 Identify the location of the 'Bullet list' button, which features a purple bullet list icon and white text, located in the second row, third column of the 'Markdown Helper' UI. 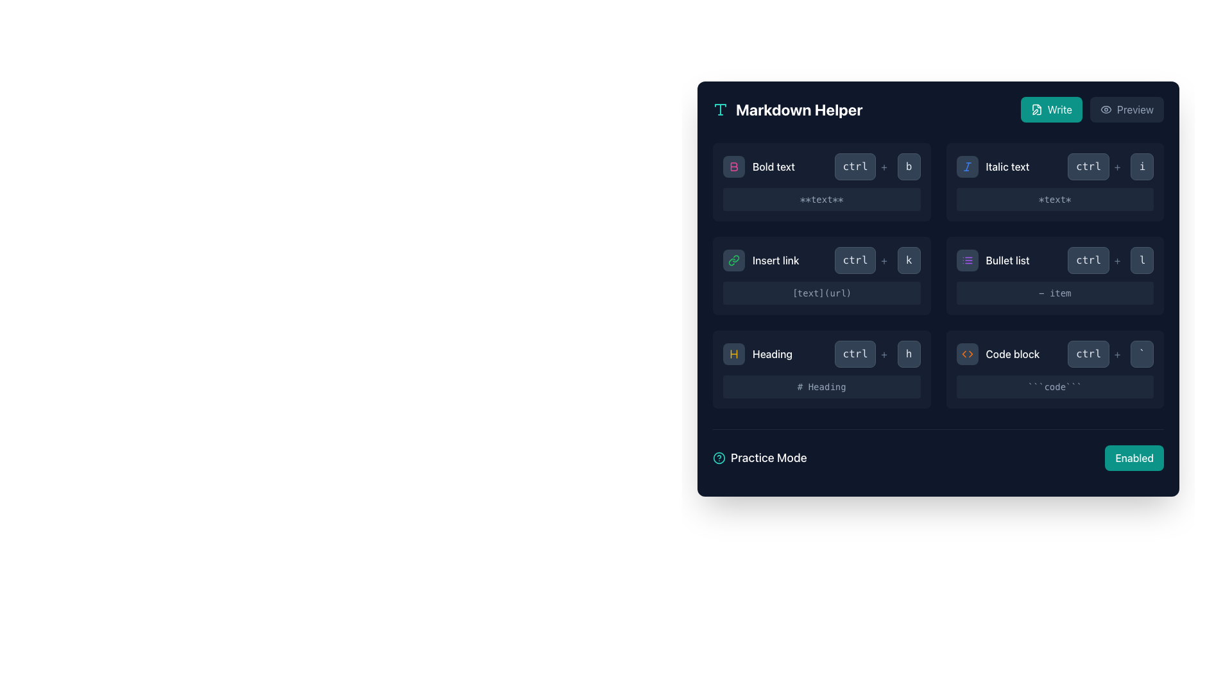
(992, 260).